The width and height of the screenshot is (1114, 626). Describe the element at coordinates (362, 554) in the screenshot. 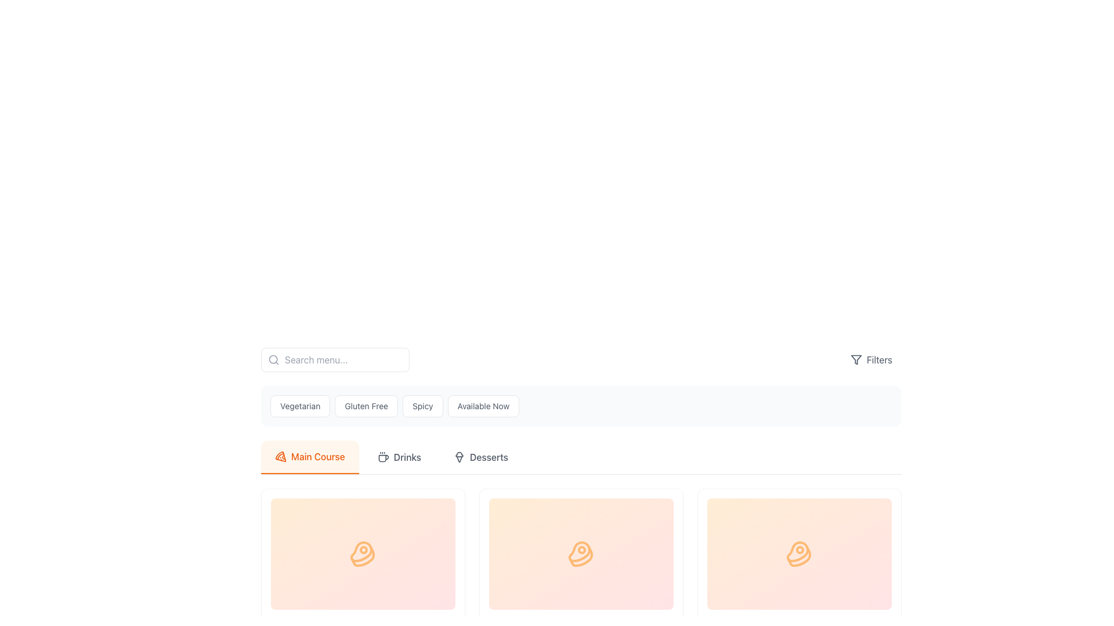

I see `the SVG icon styled as a steak graphic with orange outlines` at that location.